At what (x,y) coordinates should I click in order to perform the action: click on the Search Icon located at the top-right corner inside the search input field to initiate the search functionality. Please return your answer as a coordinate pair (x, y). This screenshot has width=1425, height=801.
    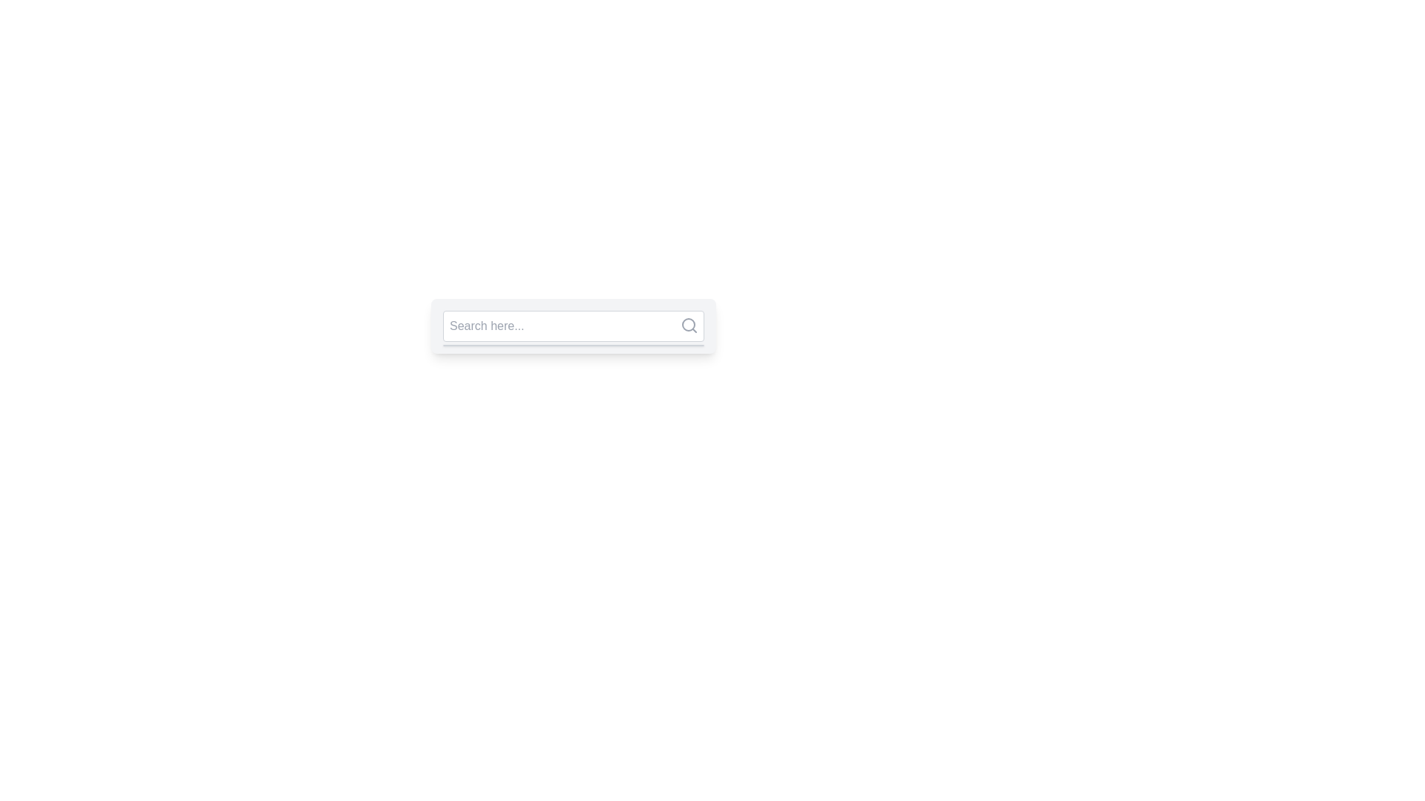
    Looking at the image, I should click on (689, 325).